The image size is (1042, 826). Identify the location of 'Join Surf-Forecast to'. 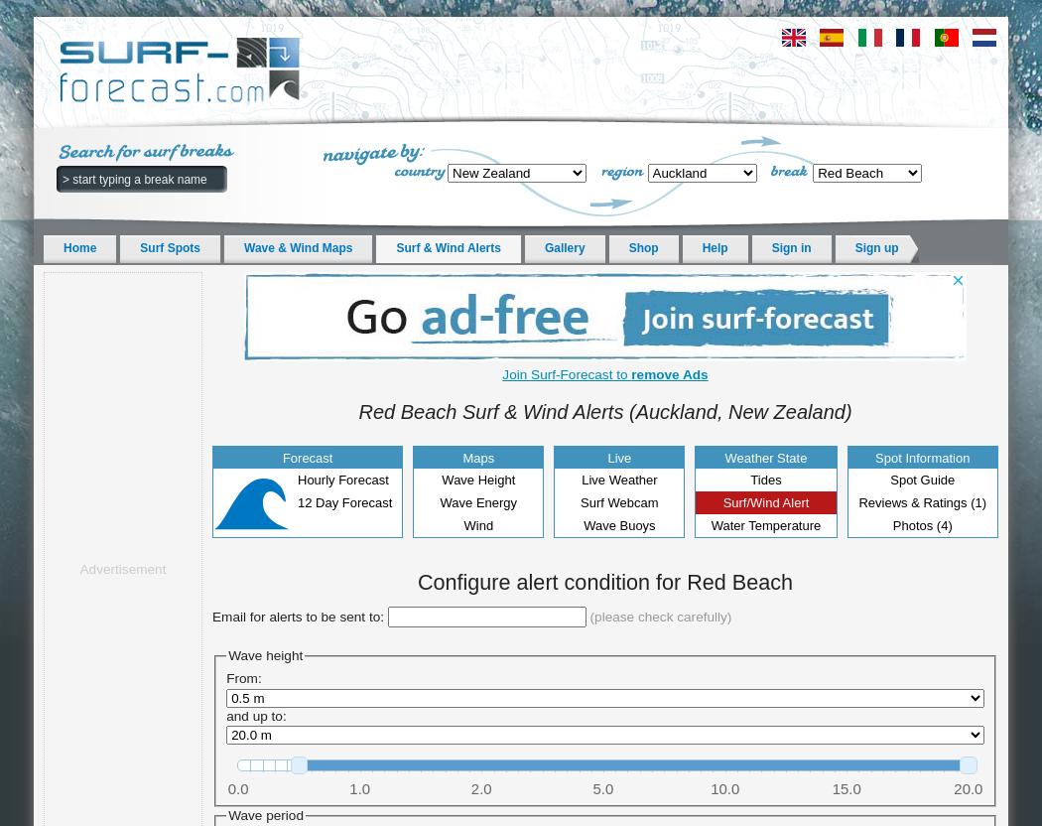
(565, 373).